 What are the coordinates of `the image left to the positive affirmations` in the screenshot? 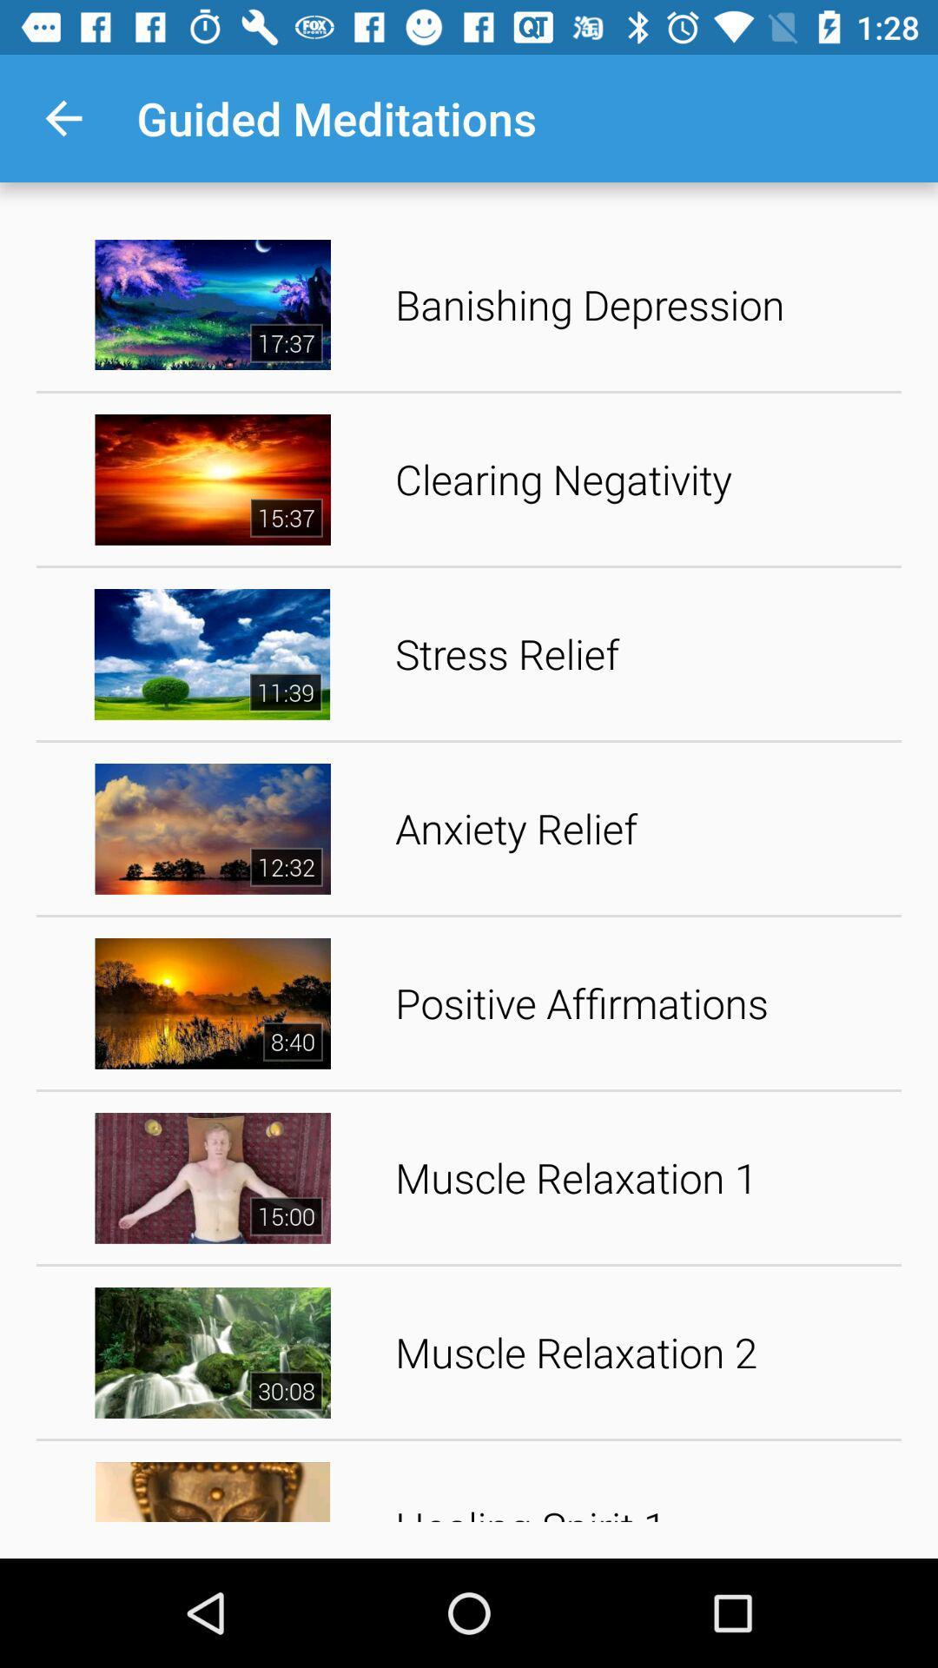 It's located at (212, 1003).